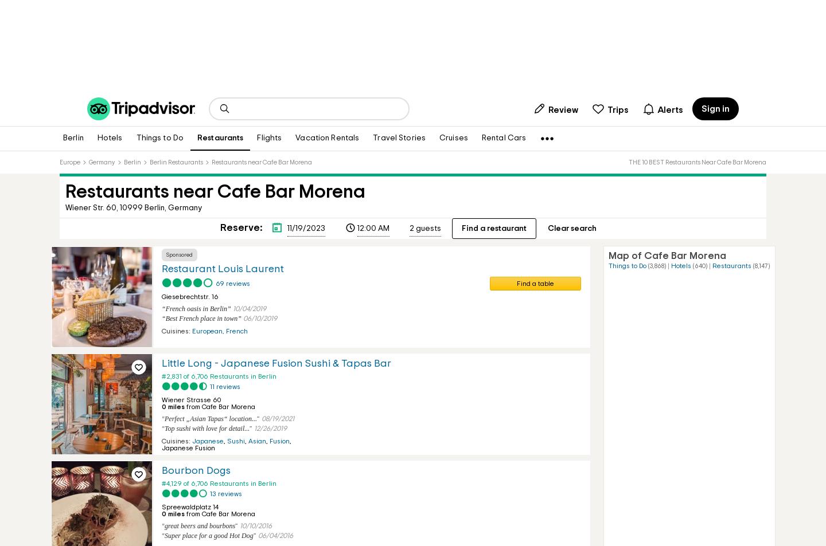  Describe the element at coordinates (192, 331) in the screenshot. I see `'European'` at that location.